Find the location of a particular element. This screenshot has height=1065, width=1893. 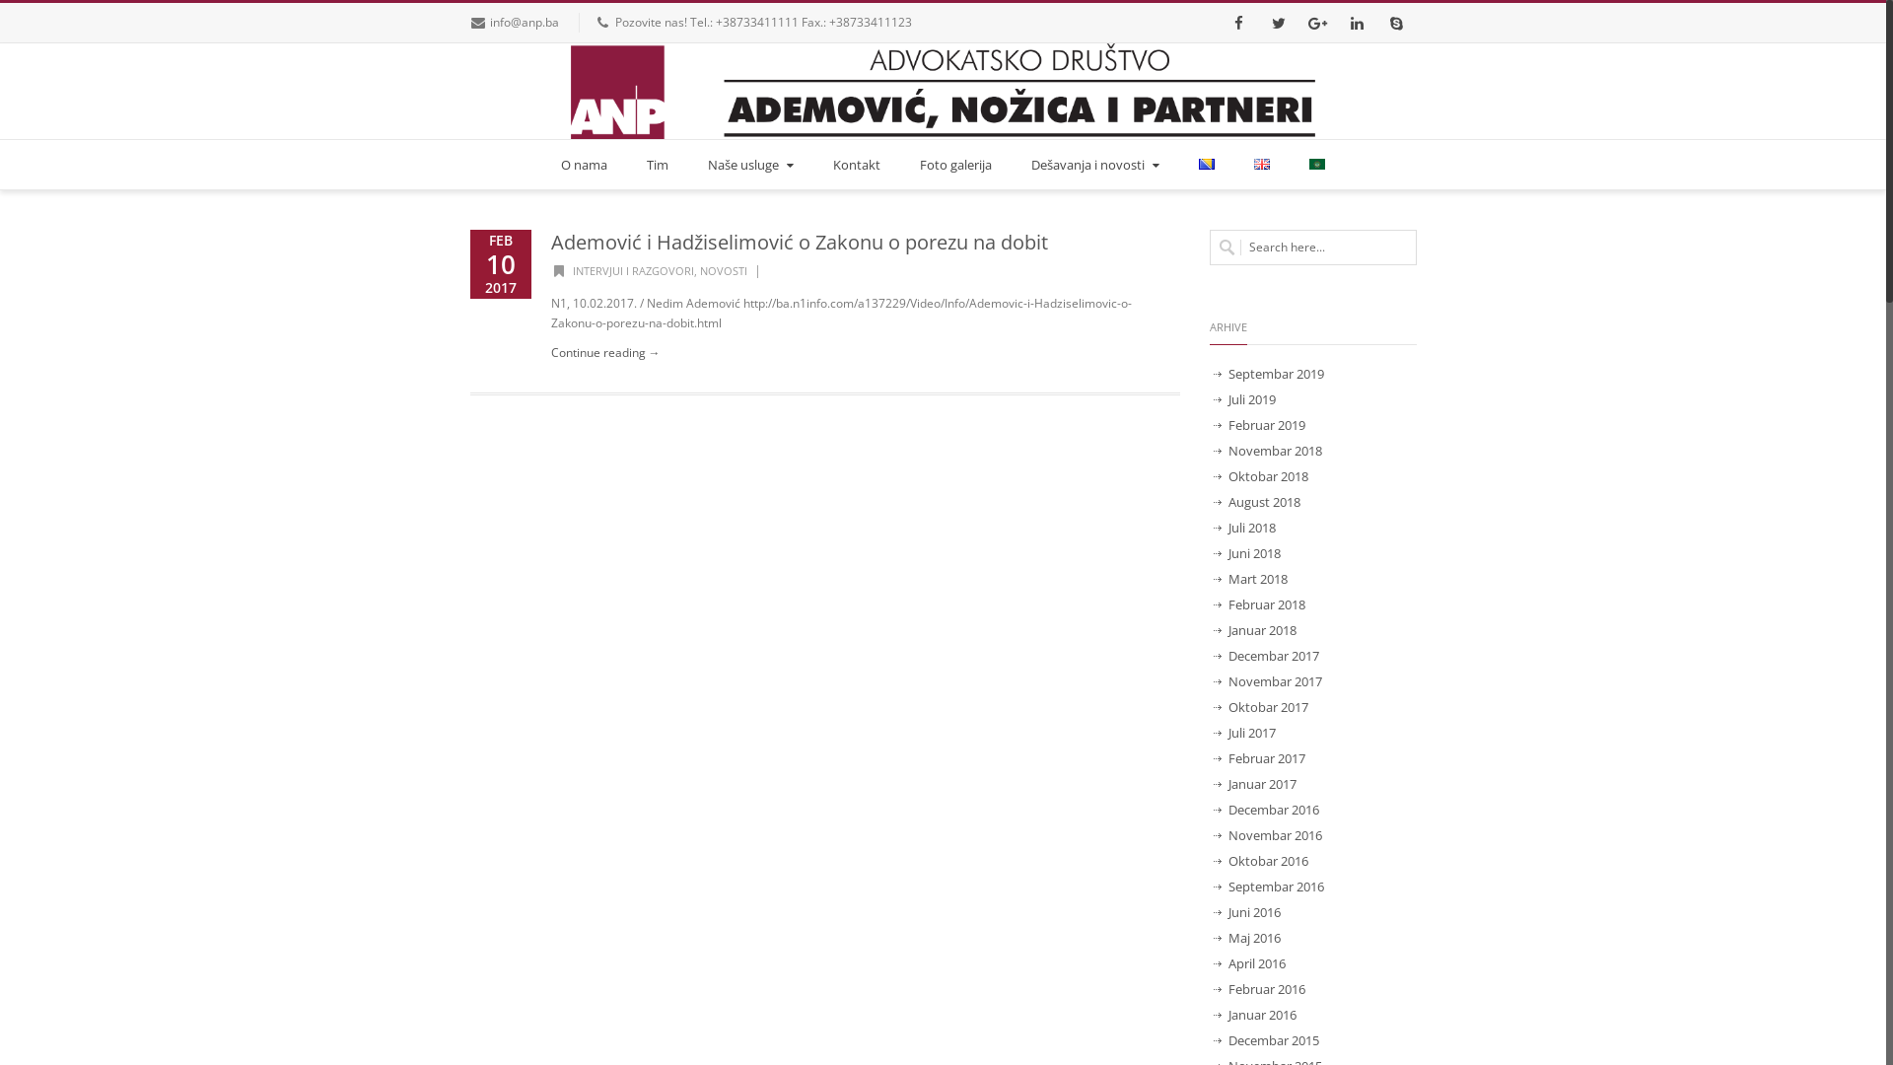

'Decembar 2017' is located at coordinates (1267, 655).